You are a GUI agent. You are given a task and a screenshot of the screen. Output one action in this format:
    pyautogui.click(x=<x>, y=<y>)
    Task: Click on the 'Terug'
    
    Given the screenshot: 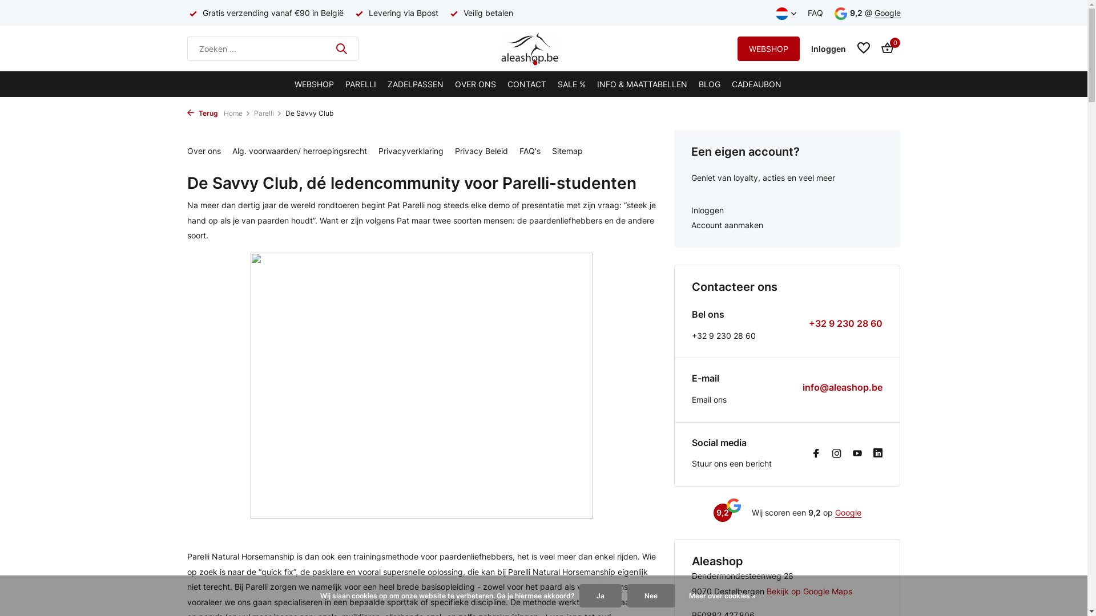 What is the action you would take?
    pyautogui.click(x=203, y=113)
    